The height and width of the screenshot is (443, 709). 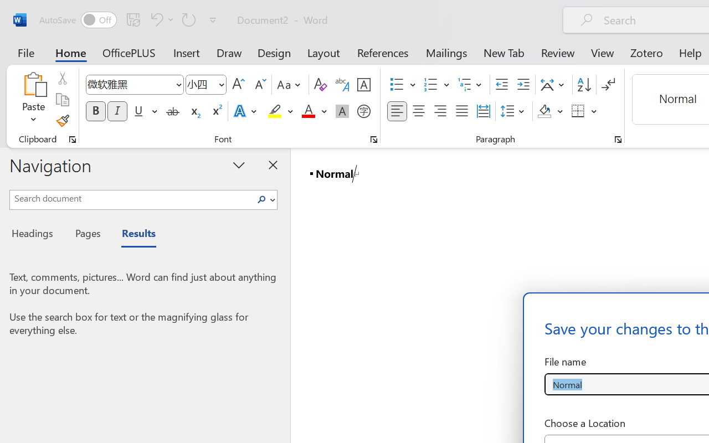 I want to click on 'Numbering', so click(x=436, y=85).